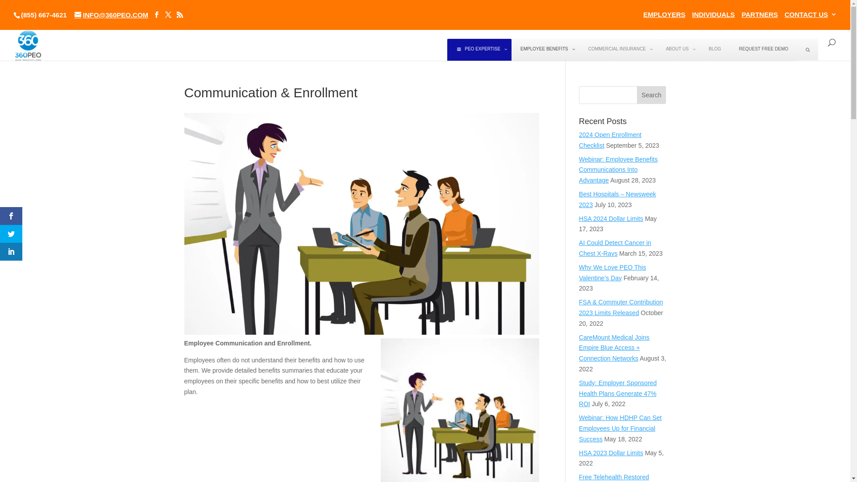  What do you see at coordinates (578, 453) in the screenshot?
I see `'HSA 2023 Dollar Limits'` at bounding box center [578, 453].